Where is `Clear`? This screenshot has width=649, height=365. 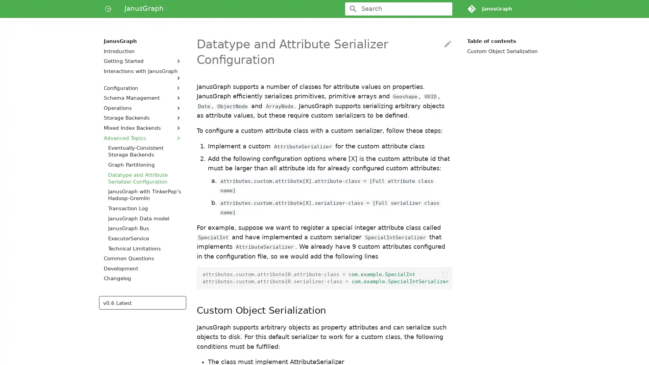 Clear is located at coordinates (444, 9).